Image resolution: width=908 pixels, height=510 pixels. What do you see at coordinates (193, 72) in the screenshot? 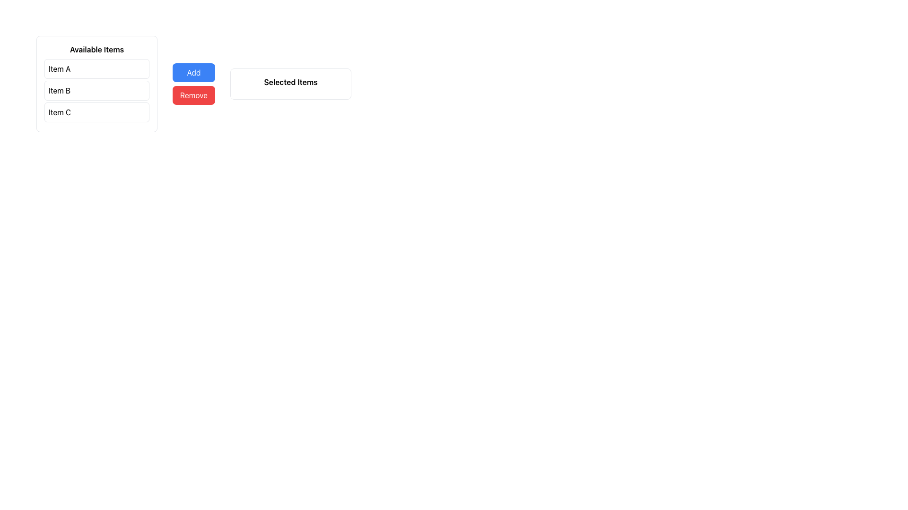
I see `the 'Add' button located vertically above the 'Remove' button, which is to the right of the 'Available Items' list` at bounding box center [193, 72].